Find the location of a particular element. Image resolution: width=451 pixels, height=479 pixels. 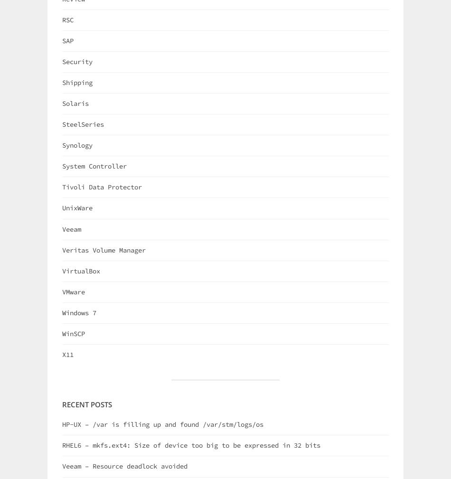

'Veeam – Resource deadlock avoided' is located at coordinates (62, 466).